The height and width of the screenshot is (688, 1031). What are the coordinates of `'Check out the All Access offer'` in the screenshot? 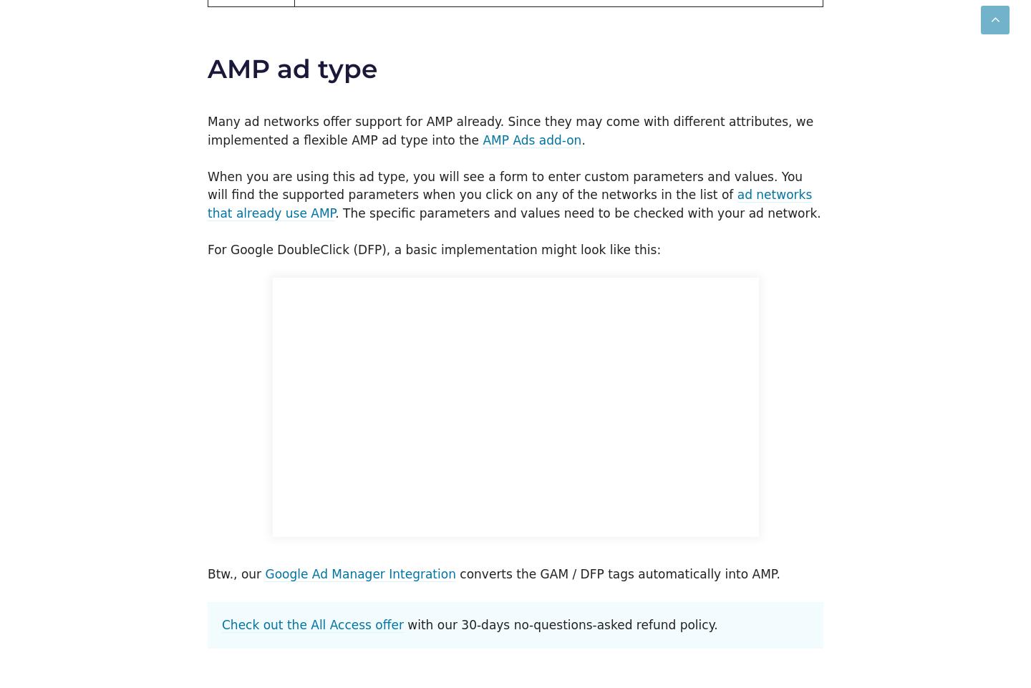 It's located at (312, 624).